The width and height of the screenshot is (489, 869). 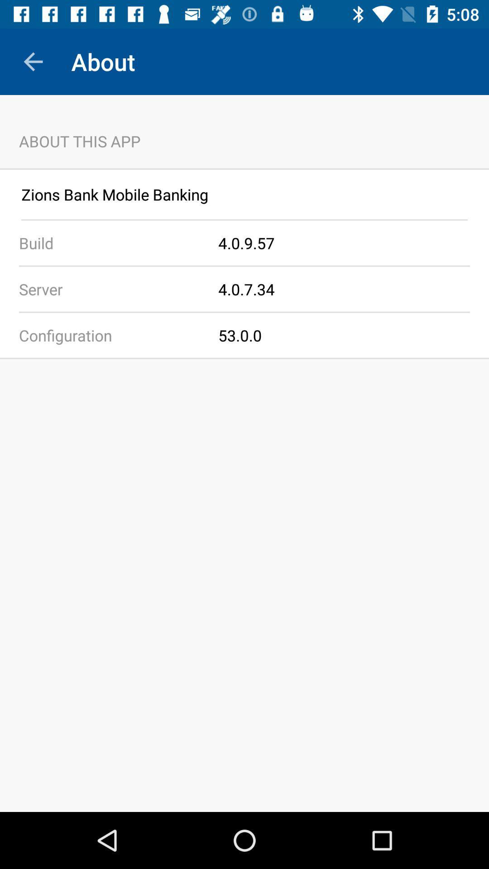 What do you see at coordinates (244, 220) in the screenshot?
I see `item below zions bank mobile item` at bounding box center [244, 220].